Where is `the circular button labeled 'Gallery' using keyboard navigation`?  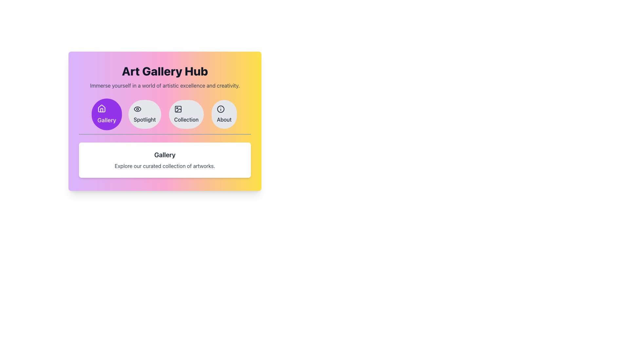
the circular button labeled 'Gallery' using keyboard navigation is located at coordinates (107, 114).